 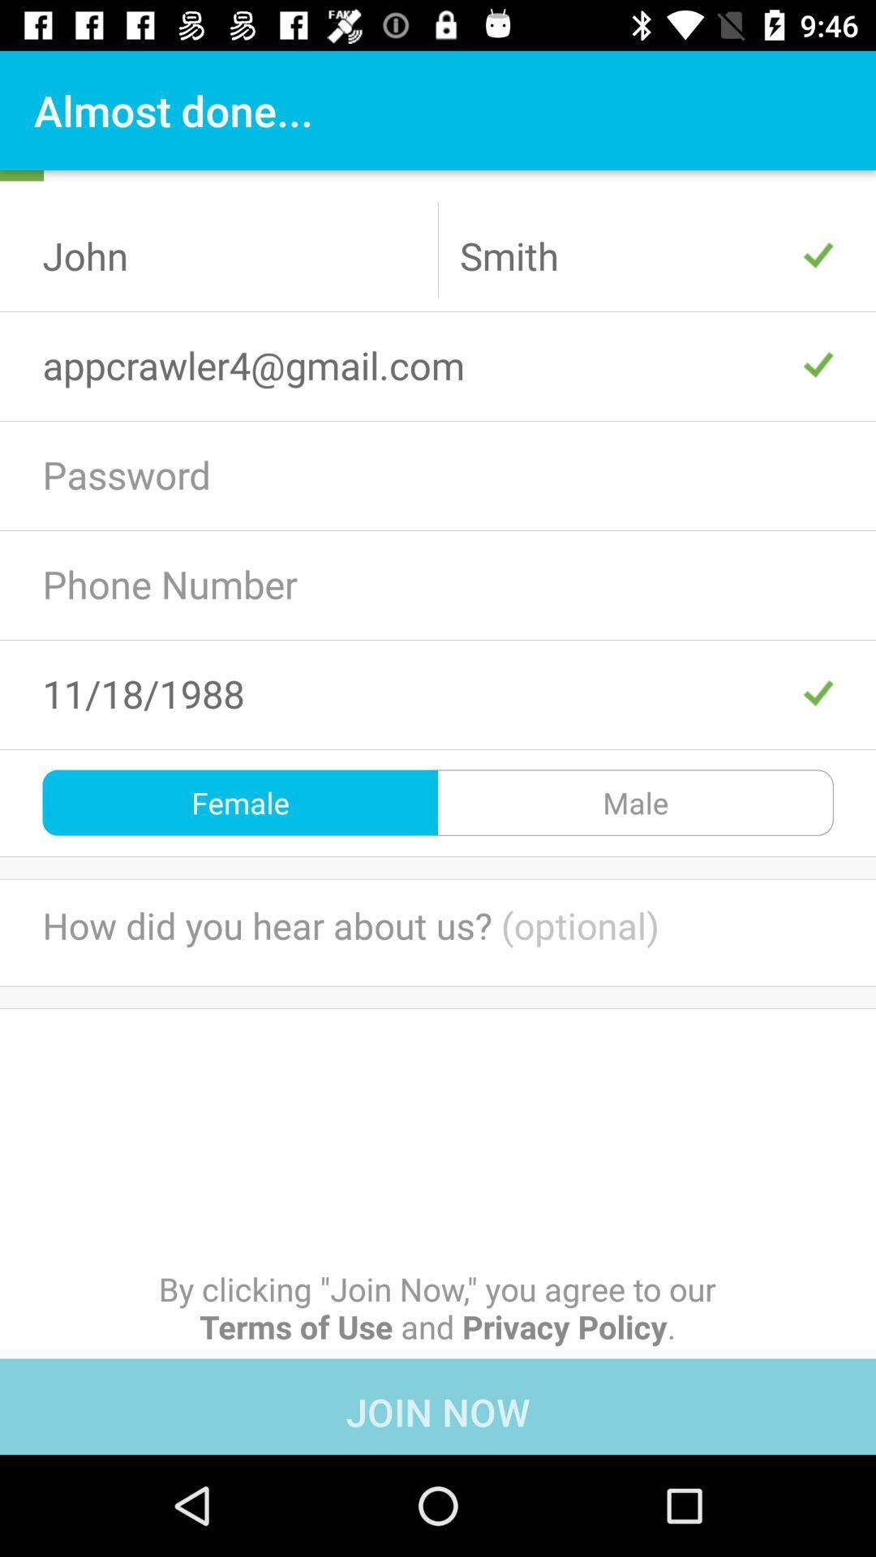 I want to click on male, so click(x=634, y=802).